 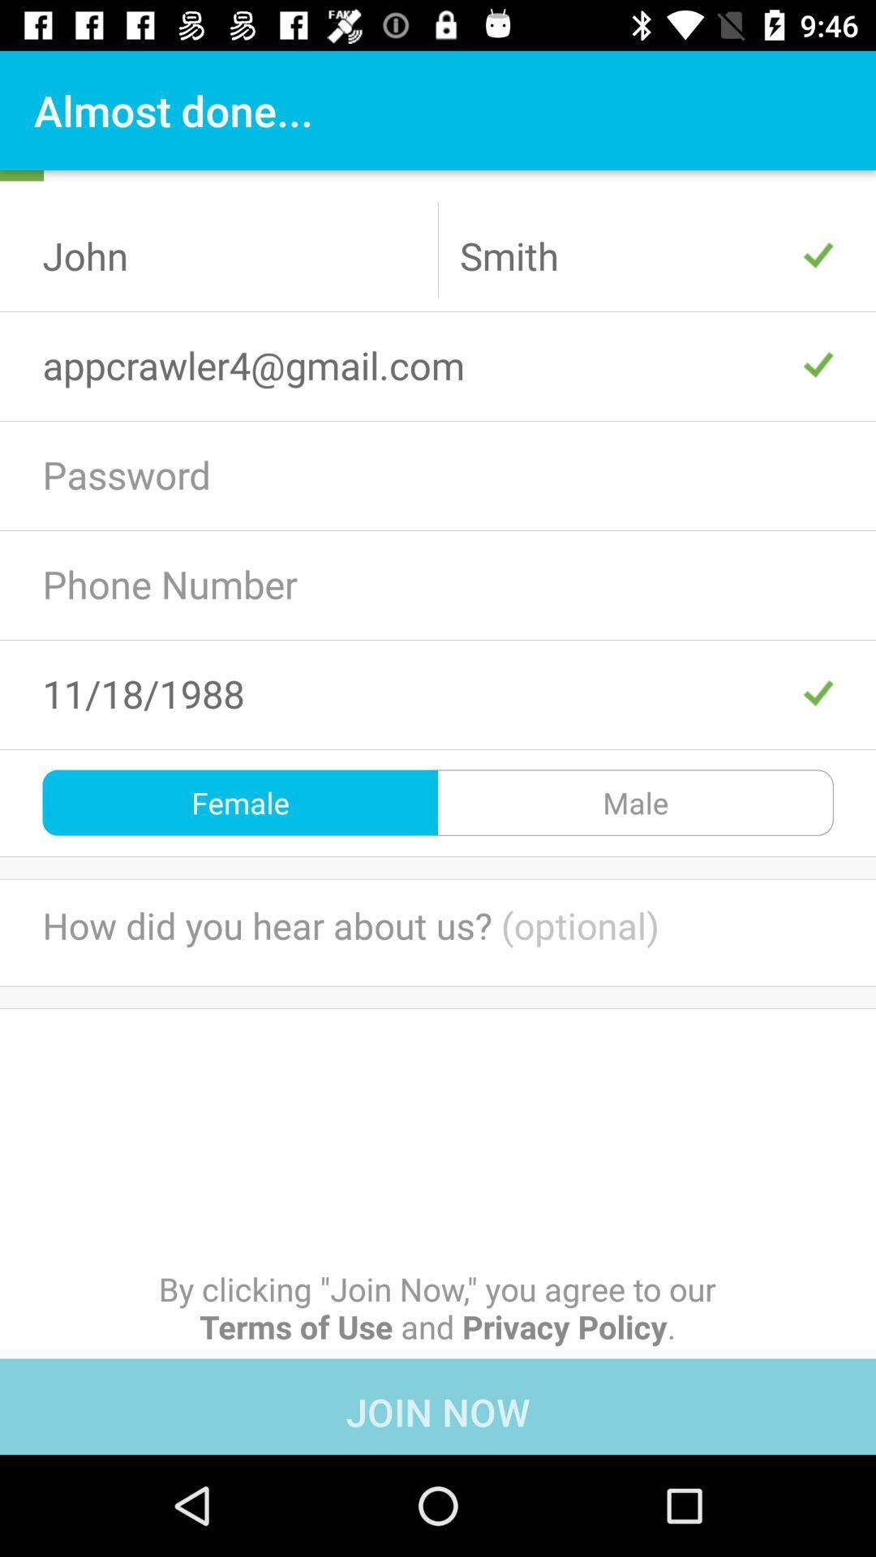 I want to click on male, so click(x=634, y=802).